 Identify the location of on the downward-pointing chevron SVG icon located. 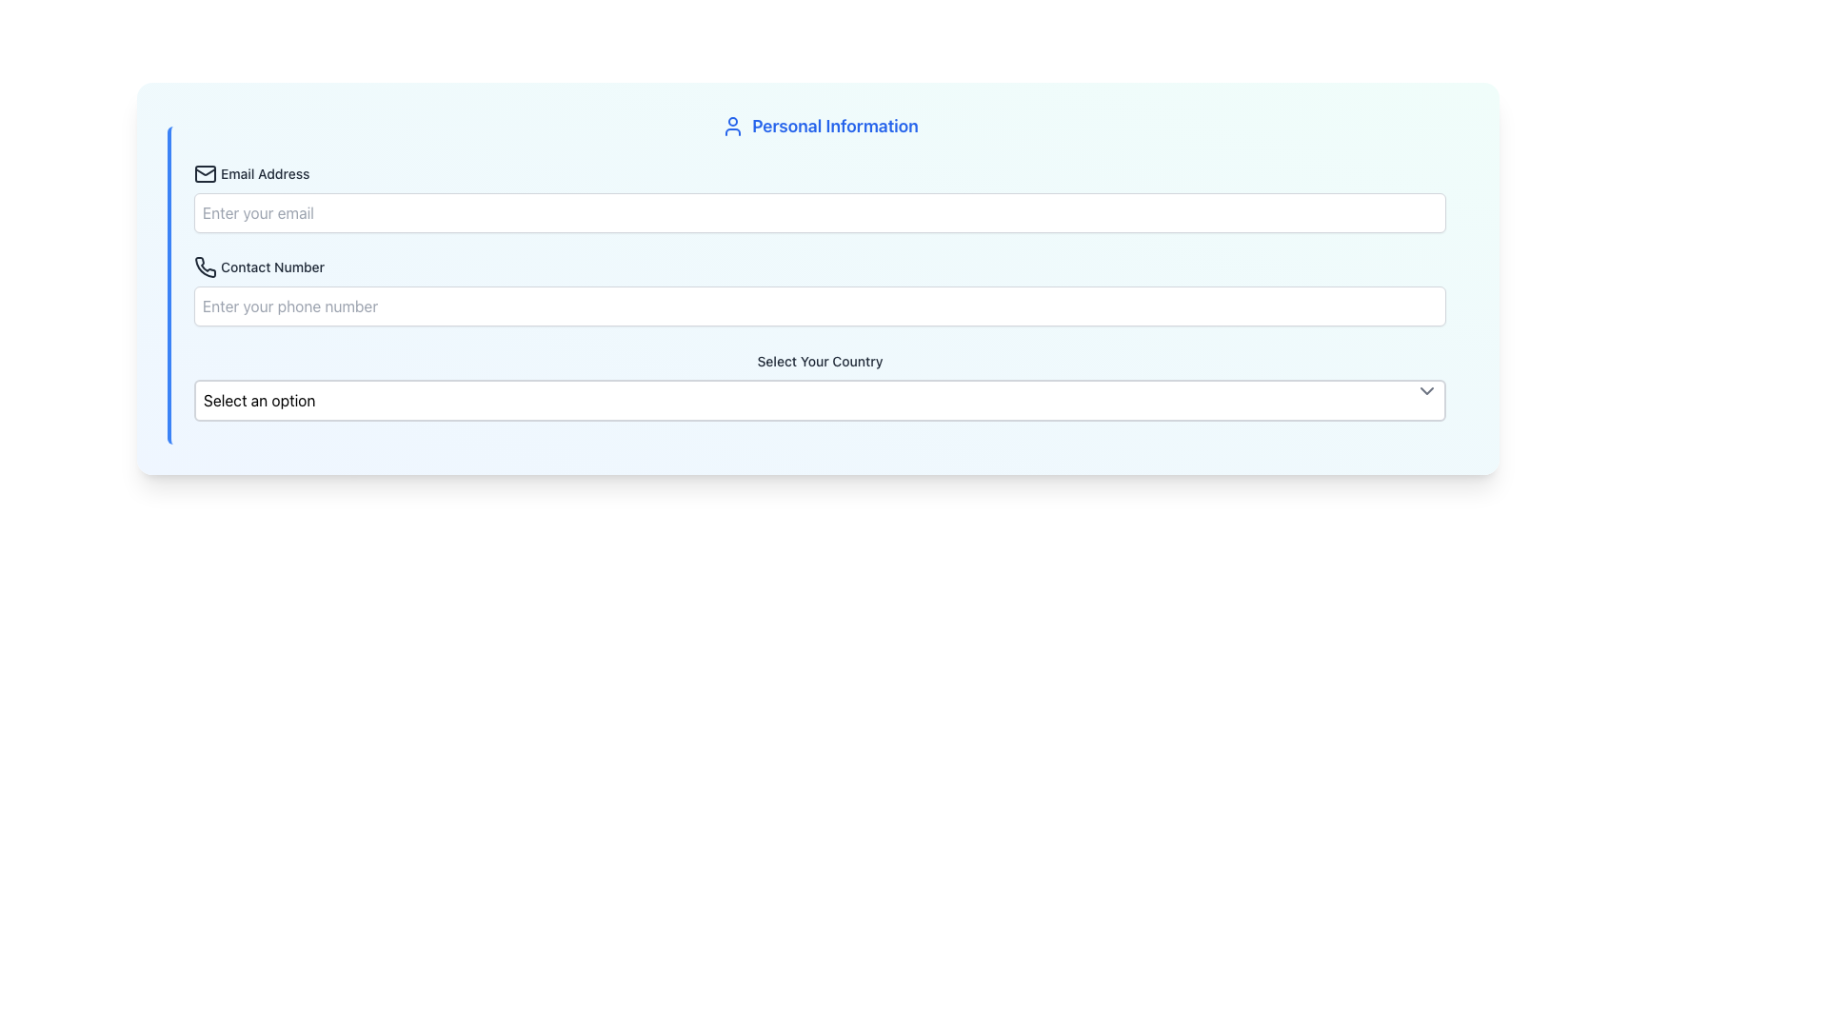
(1426, 390).